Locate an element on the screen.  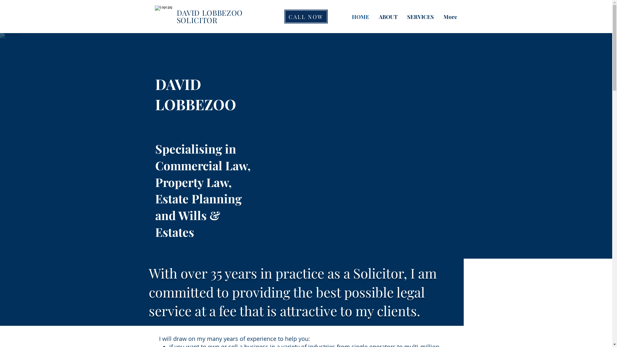
'CALL NOW' is located at coordinates (283, 16).